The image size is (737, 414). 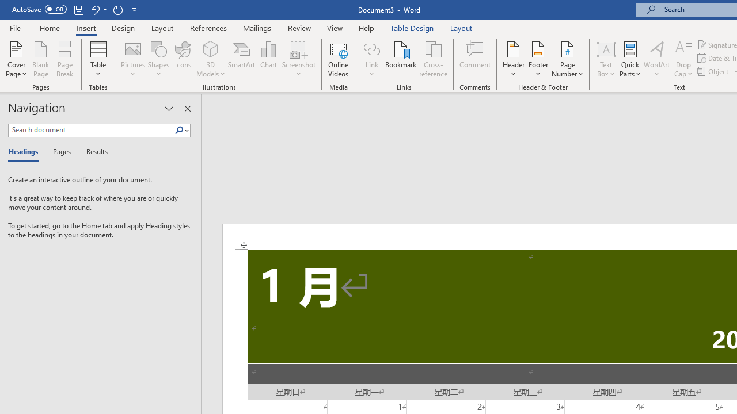 What do you see at coordinates (401, 59) in the screenshot?
I see `'Bookmark...'` at bounding box center [401, 59].